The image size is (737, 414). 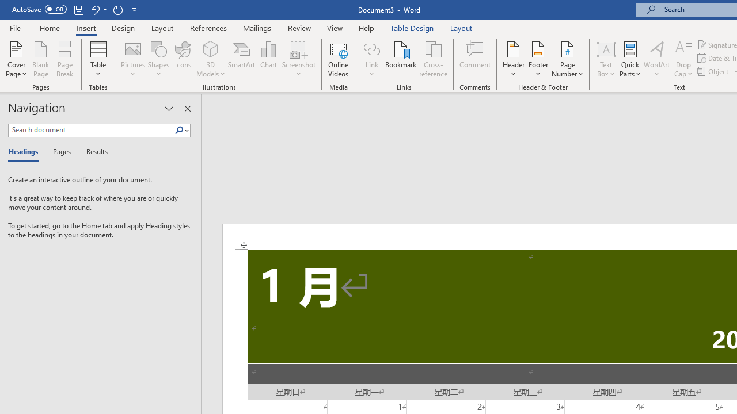 What do you see at coordinates (401, 59) in the screenshot?
I see `'Bookmark...'` at bounding box center [401, 59].